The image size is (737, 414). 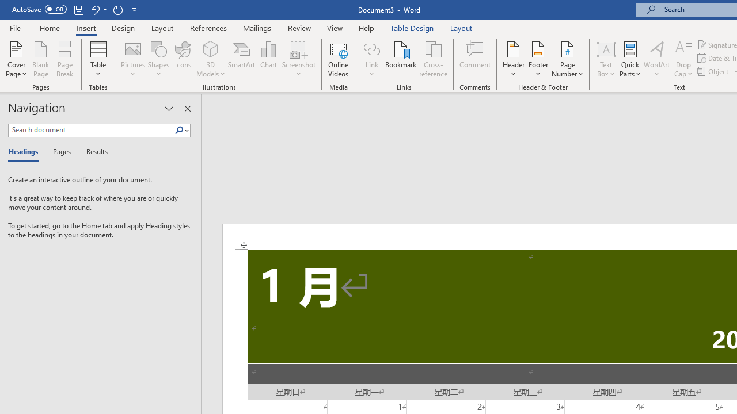 What do you see at coordinates (401, 59) in the screenshot?
I see `'Bookmark...'` at bounding box center [401, 59].